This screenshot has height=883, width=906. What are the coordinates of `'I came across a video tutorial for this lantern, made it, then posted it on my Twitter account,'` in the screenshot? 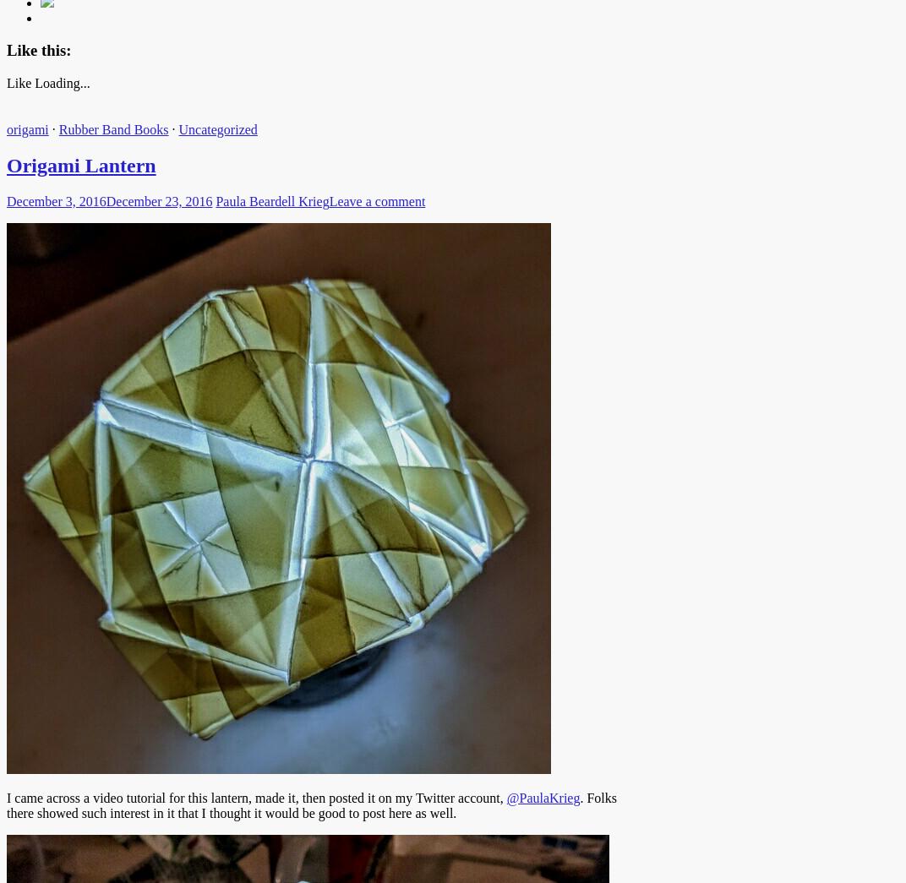 It's located at (255, 796).